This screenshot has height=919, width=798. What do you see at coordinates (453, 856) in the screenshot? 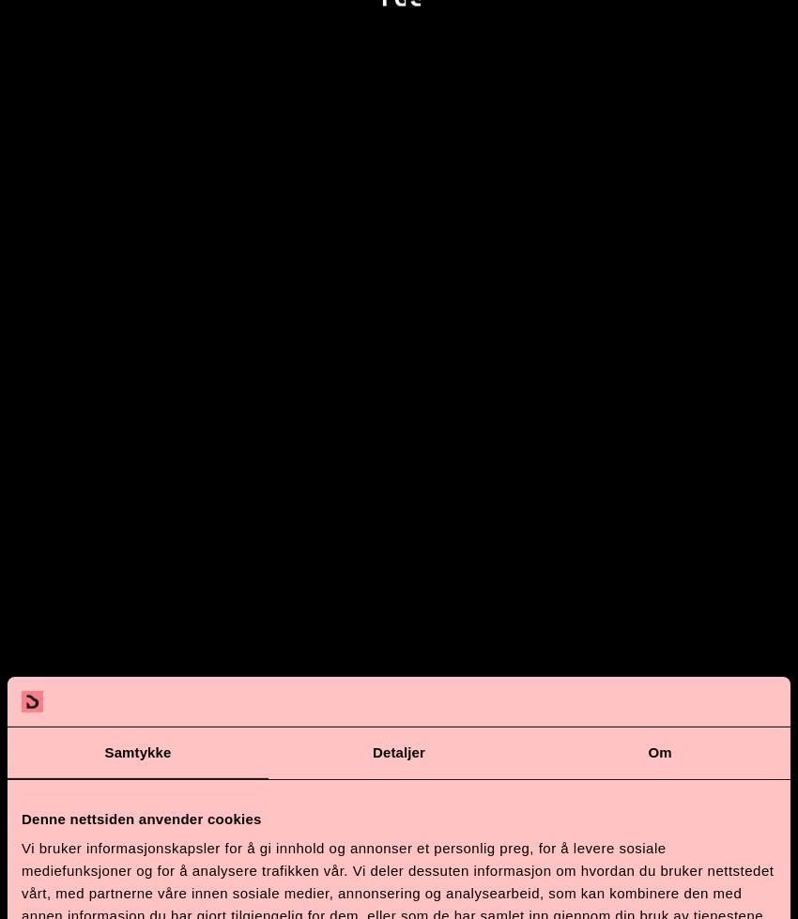
I see `'l'` at bounding box center [453, 856].